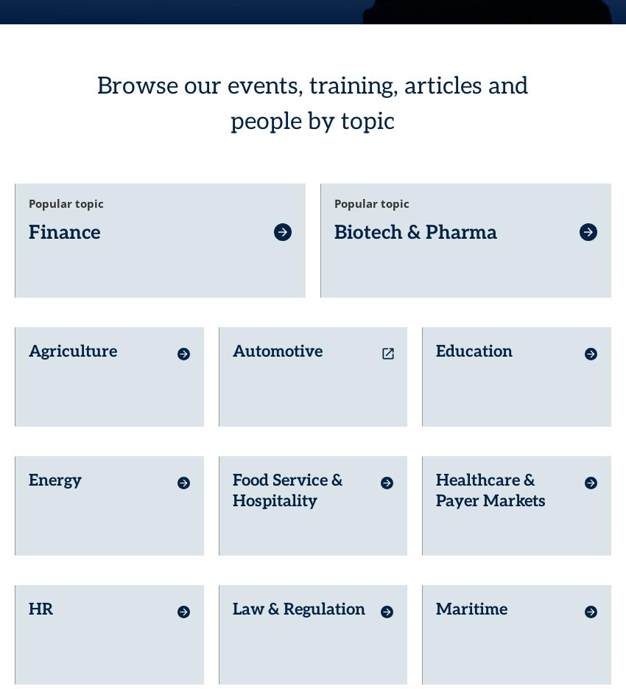 The height and width of the screenshot is (689, 626). Describe the element at coordinates (415, 206) in the screenshot. I see `'Biotech & Pharma'` at that location.